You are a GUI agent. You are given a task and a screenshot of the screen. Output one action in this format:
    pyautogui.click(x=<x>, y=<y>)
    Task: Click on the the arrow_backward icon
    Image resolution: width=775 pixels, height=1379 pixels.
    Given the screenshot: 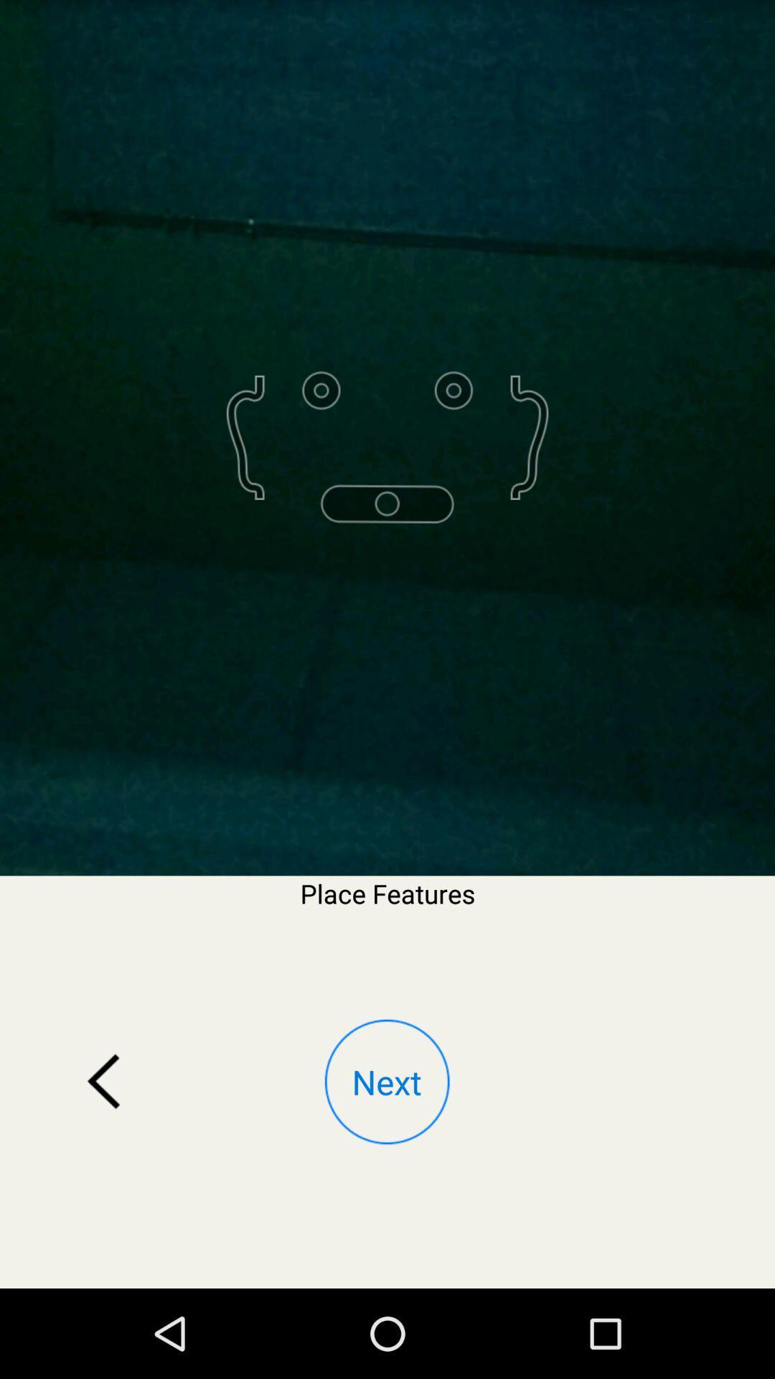 What is the action you would take?
    pyautogui.click(x=103, y=1158)
    